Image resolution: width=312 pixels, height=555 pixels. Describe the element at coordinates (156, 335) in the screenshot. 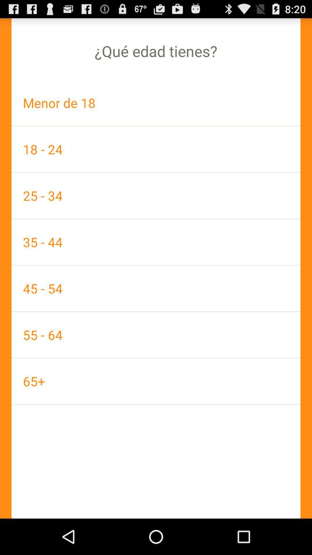

I see `the icon below 45 - 54` at that location.